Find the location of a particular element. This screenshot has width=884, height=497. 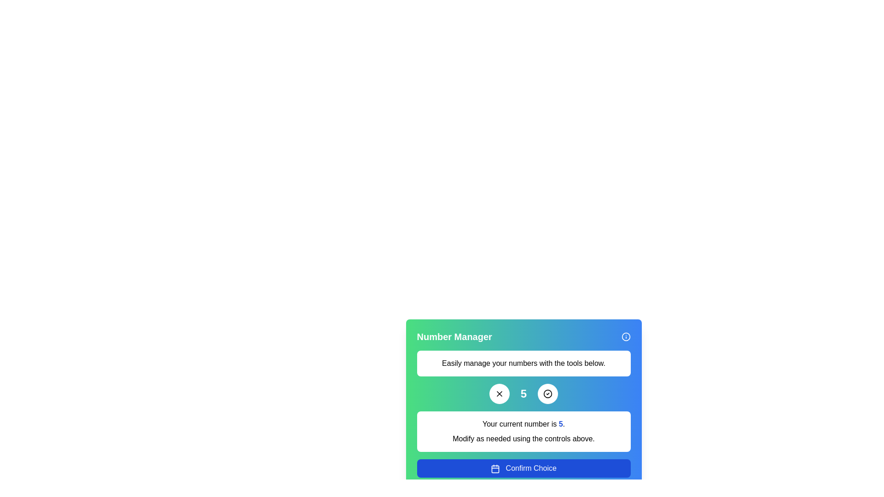

the third graphical element of the calendar icon, which is part of the 'Confirm Choice' button at the bottom of the interface is located at coordinates (495, 469).